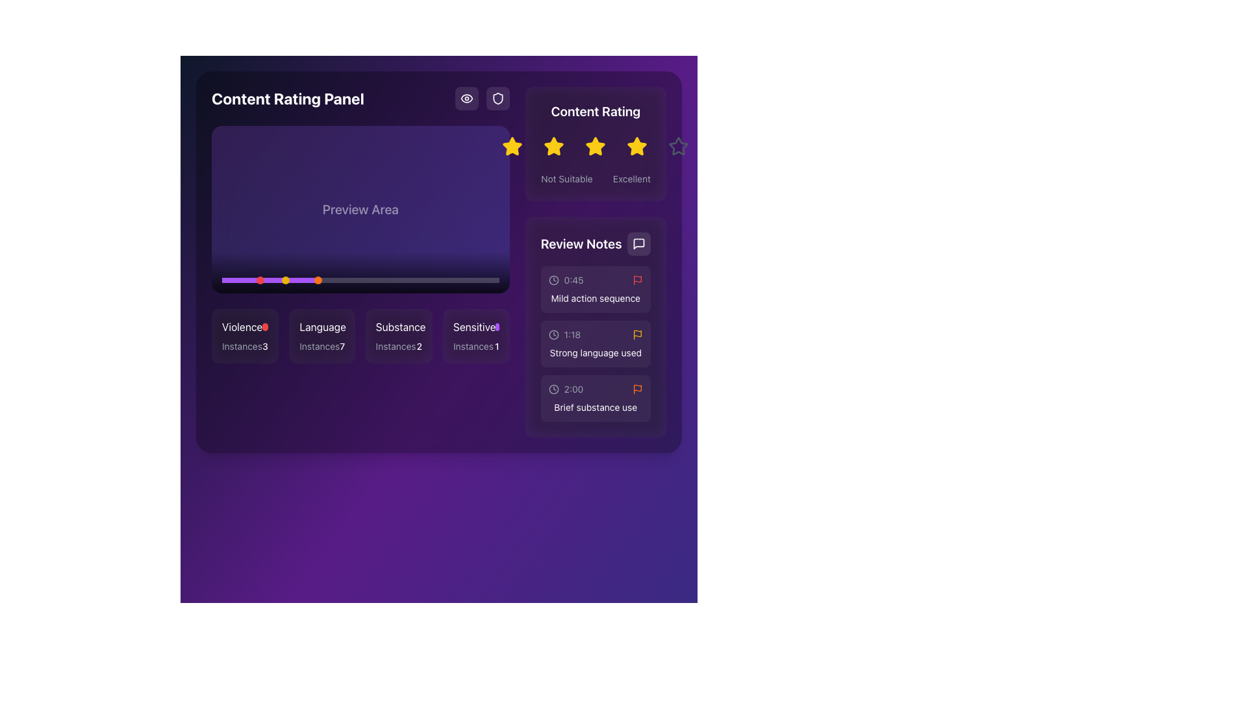 Image resolution: width=1247 pixels, height=701 pixels. What do you see at coordinates (466, 97) in the screenshot?
I see `the eye icon button` at bounding box center [466, 97].